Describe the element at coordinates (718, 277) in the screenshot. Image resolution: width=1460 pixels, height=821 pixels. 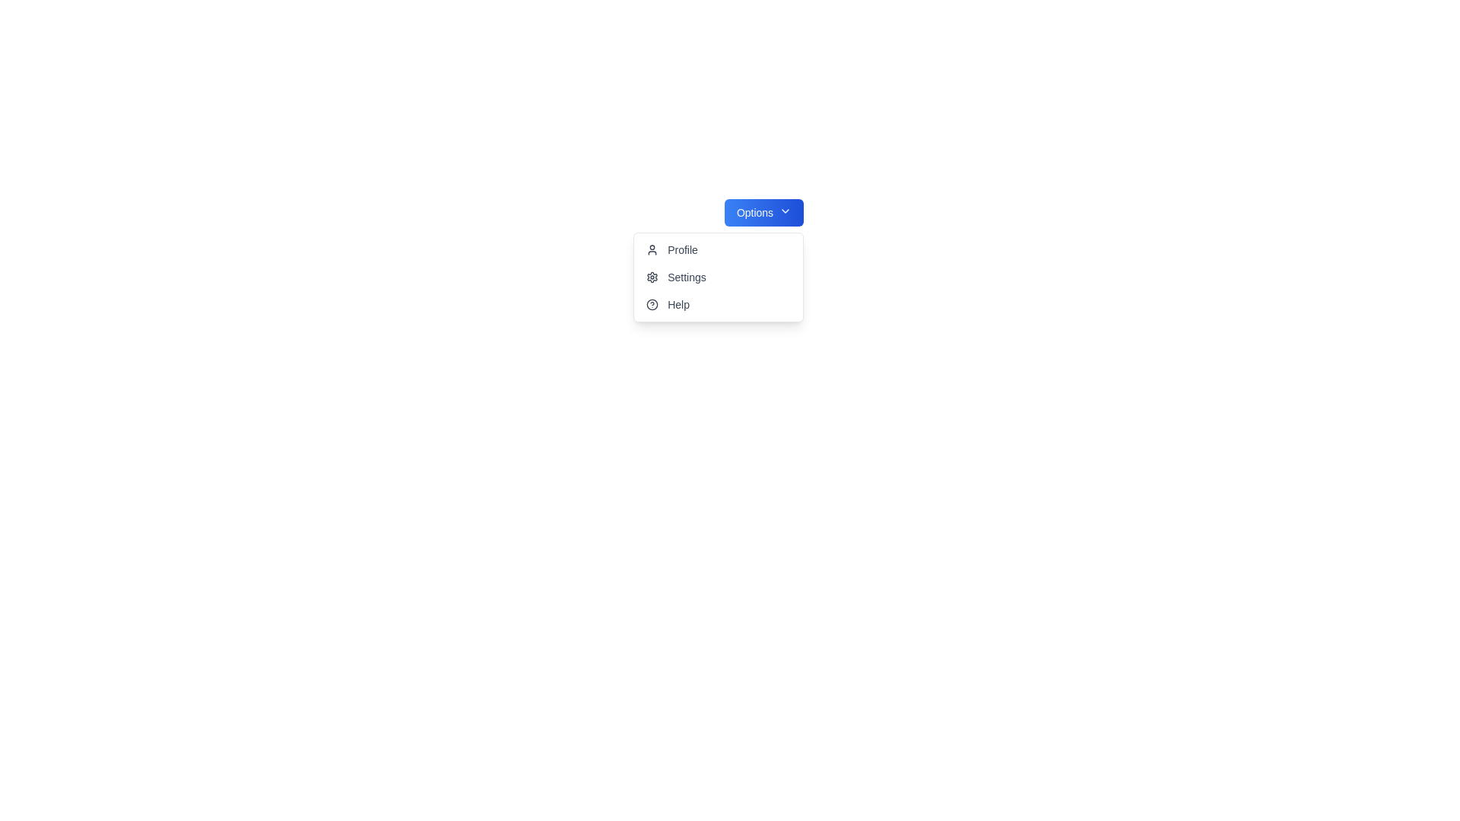
I see `the settings button located in the dropdown menu, positioned between the 'Profile' and 'Help' items` at that location.